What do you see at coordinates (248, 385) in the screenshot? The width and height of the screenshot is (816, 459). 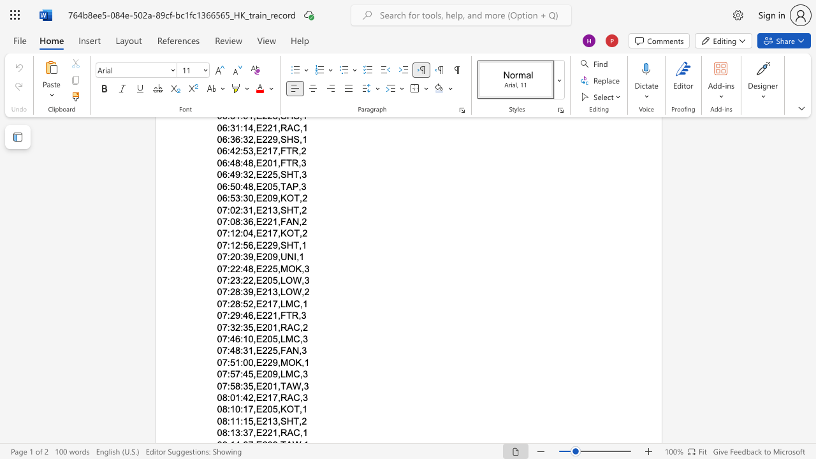 I see `the subset text "5,E201,T" within the text "07:58:35,E201,TAW,3"` at bounding box center [248, 385].